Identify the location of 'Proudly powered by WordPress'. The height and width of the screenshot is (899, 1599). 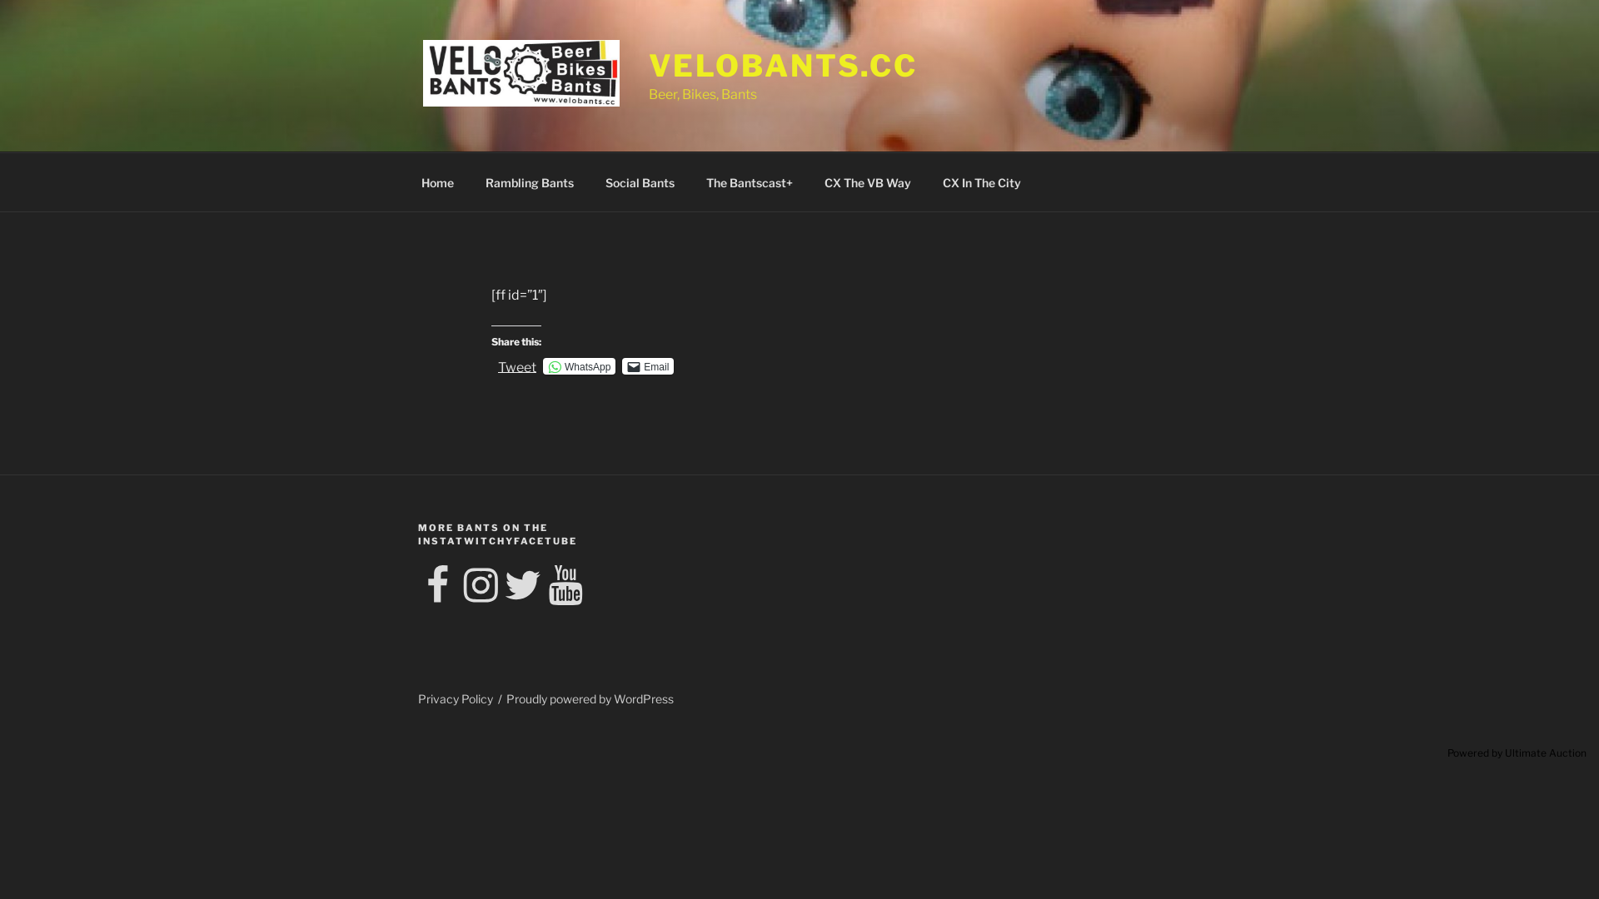
(590, 698).